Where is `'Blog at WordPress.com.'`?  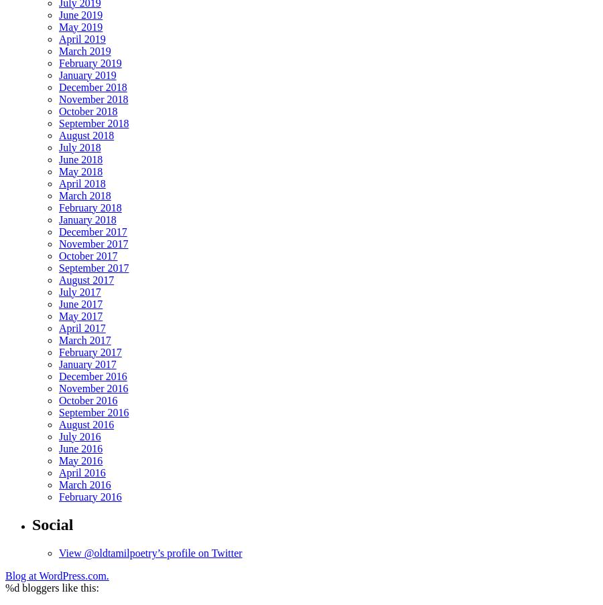
'Blog at WordPress.com.' is located at coordinates (5, 576).